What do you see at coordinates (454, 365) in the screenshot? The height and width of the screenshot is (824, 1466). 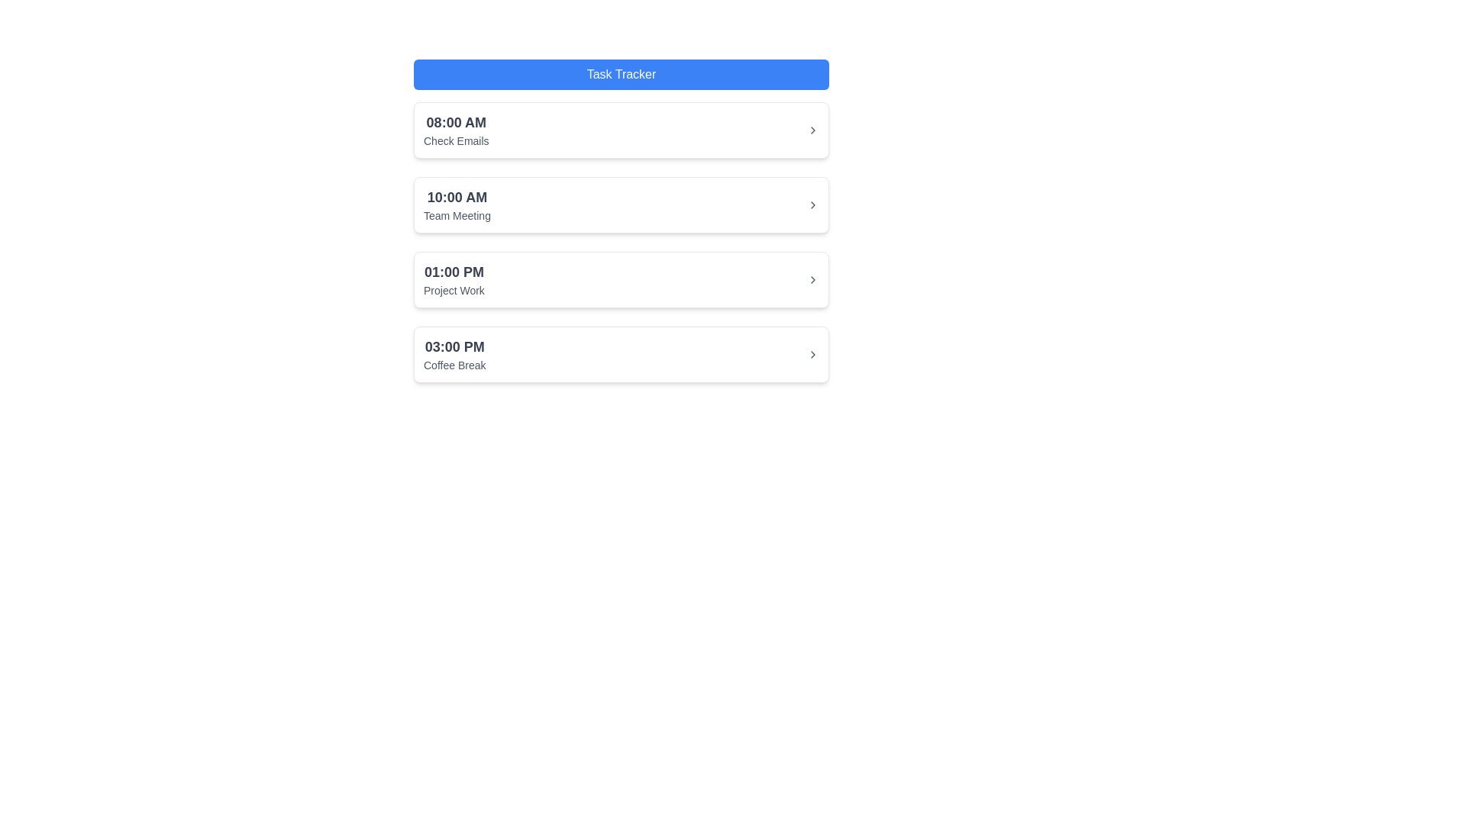 I see `the static text label displaying 'Coffee Break', which is styled in small-sized, gray-colored text and located below the '03:00 PM' bolded text in the fourth item of a vertically aligned list of time blocks` at bounding box center [454, 365].